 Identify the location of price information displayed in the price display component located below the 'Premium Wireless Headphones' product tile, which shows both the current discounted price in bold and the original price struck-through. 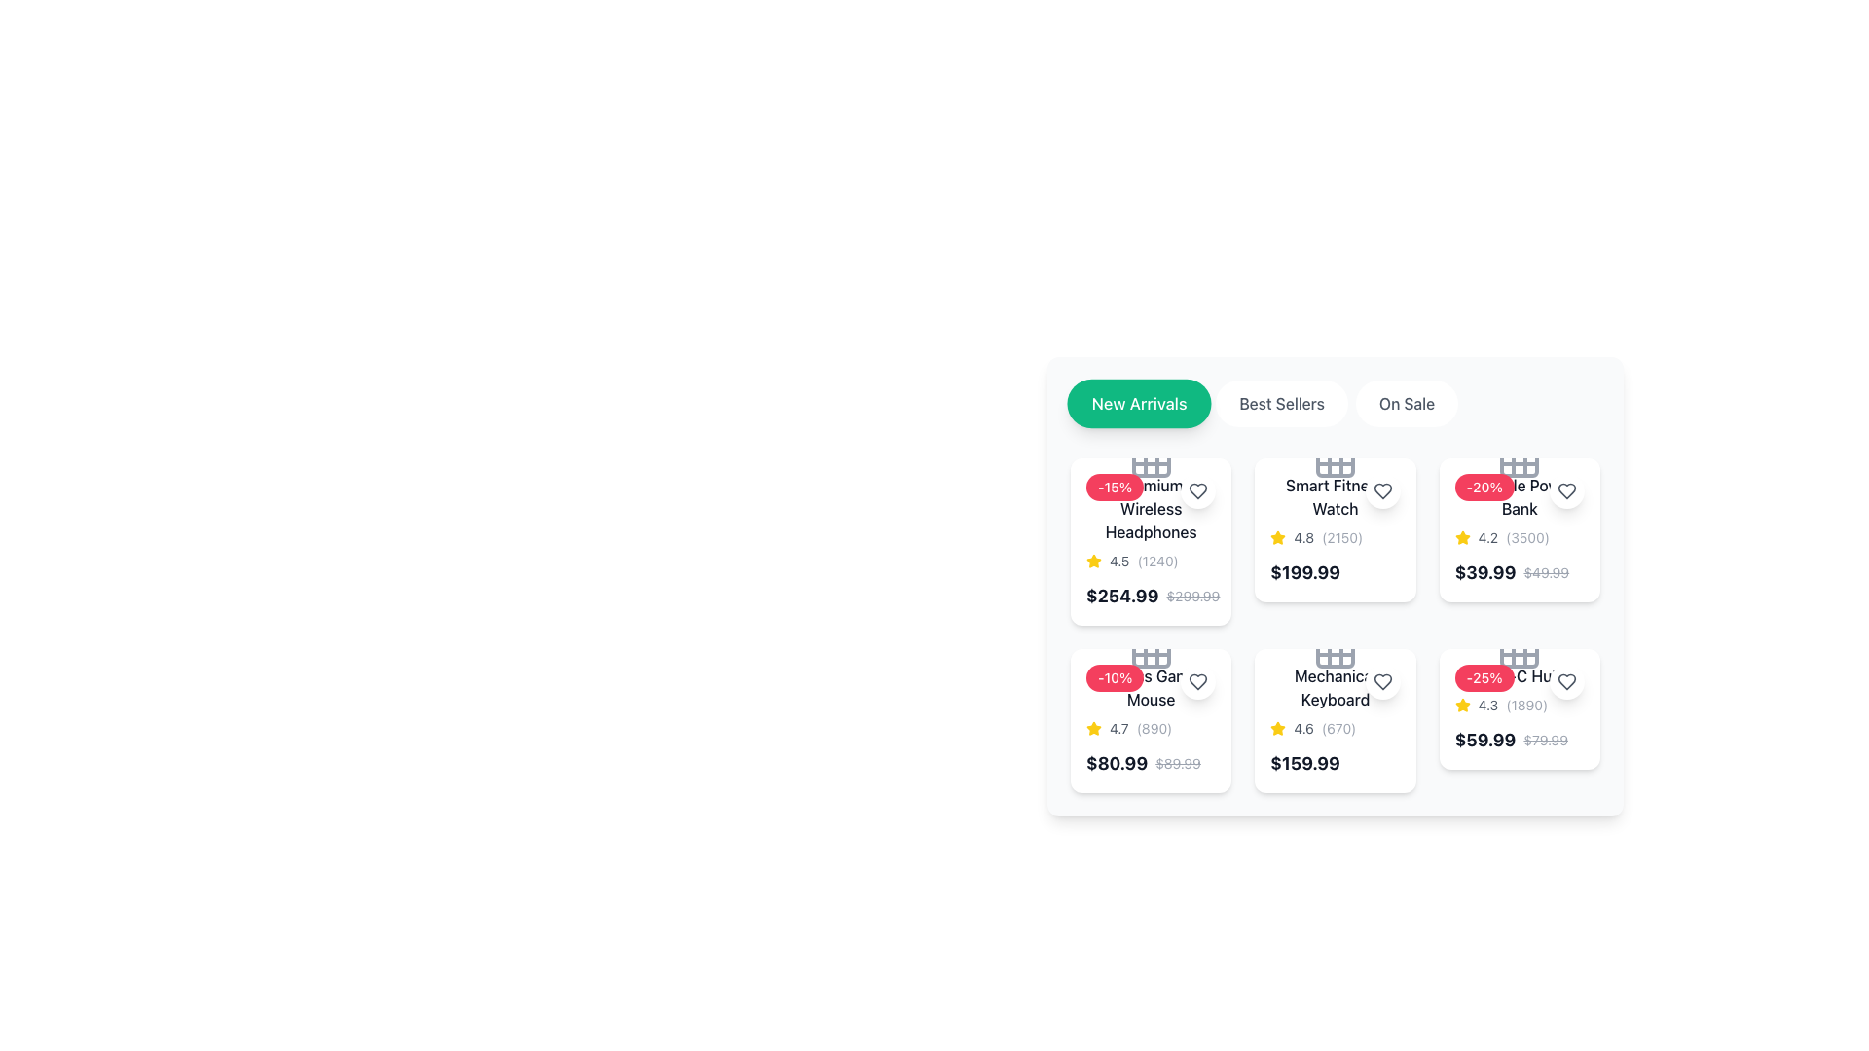
(1153, 596).